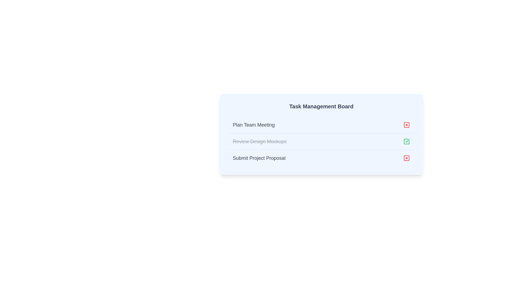 The height and width of the screenshot is (294, 524). I want to click on text from the text label that reads 'Plan Team Meeting', which is styled with a medium-sized font and gray color, located in the 'Task Management Board' section, so click(253, 125).